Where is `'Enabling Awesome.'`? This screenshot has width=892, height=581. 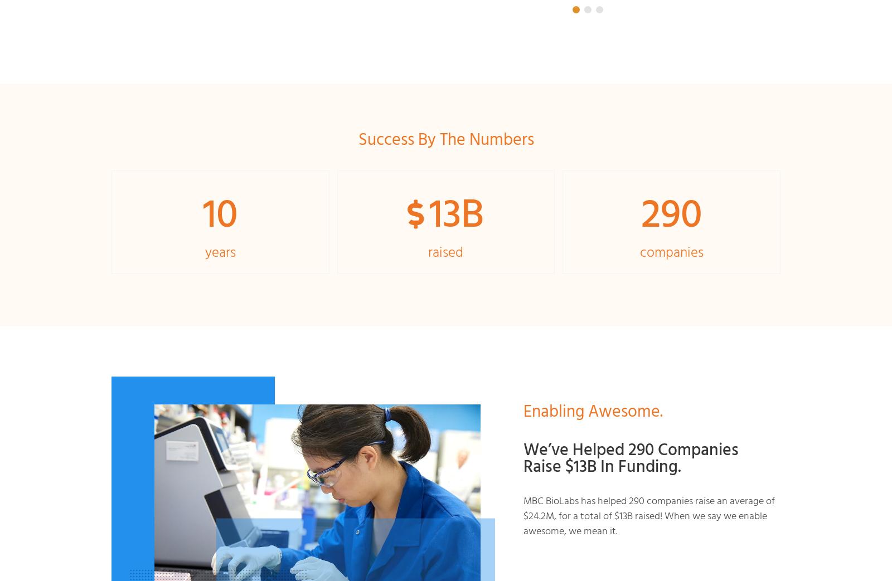 'Enabling Awesome.' is located at coordinates (593, 411).